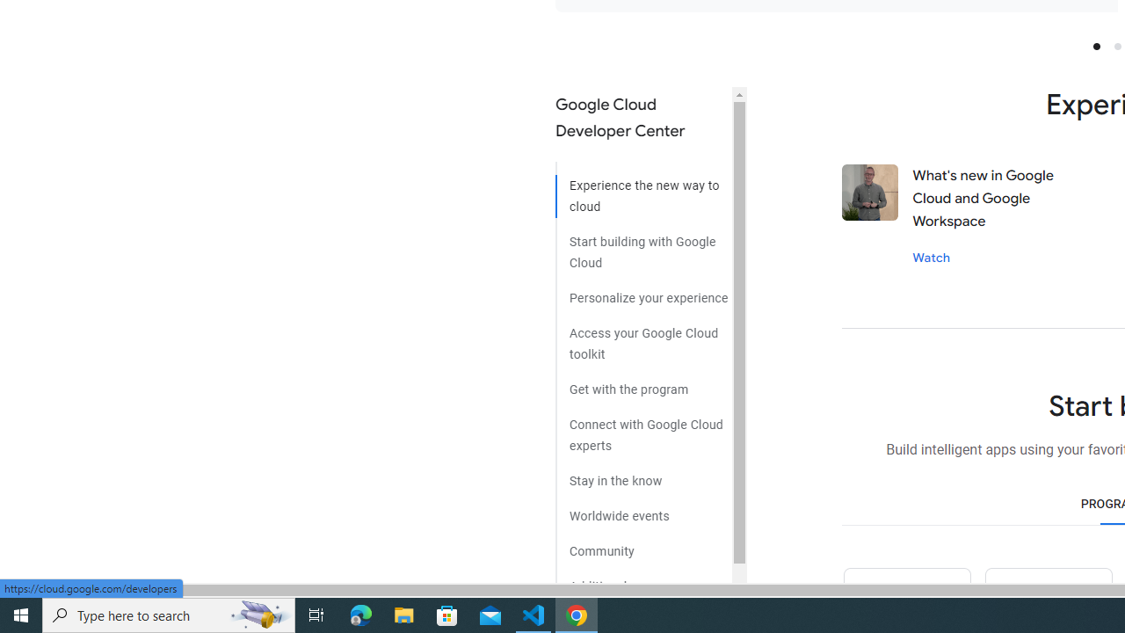 Image resolution: width=1125 pixels, height=633 pixels. Describe the element at coordinates (642, 382) in the screenshot. I see `'Get with the program'` at that location.